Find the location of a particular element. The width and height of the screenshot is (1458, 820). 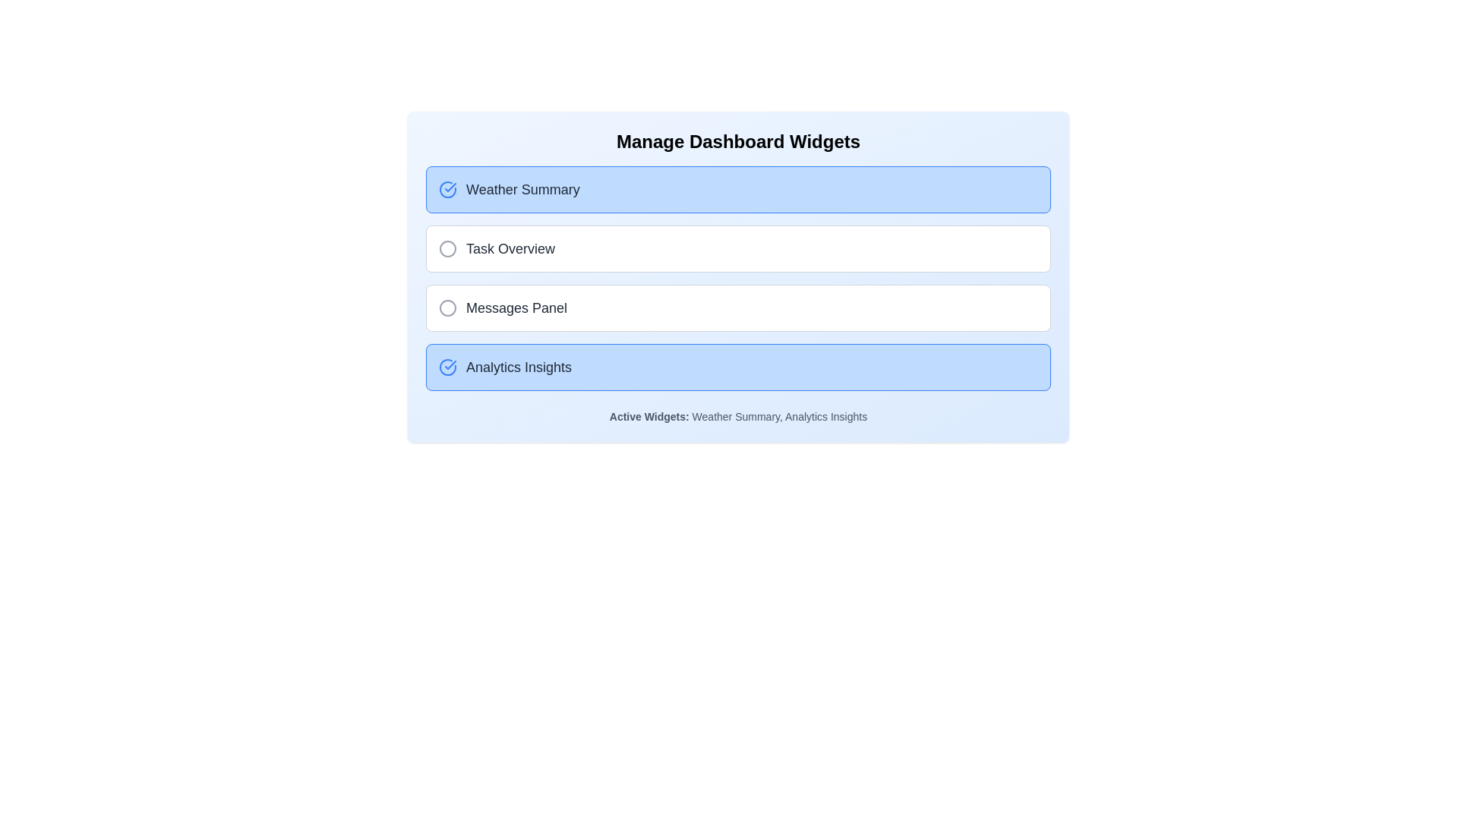

title of the 'Weather Summary' feature from the text label located centrally within the topmost card of the widget list is located at coordinates (522, 189).